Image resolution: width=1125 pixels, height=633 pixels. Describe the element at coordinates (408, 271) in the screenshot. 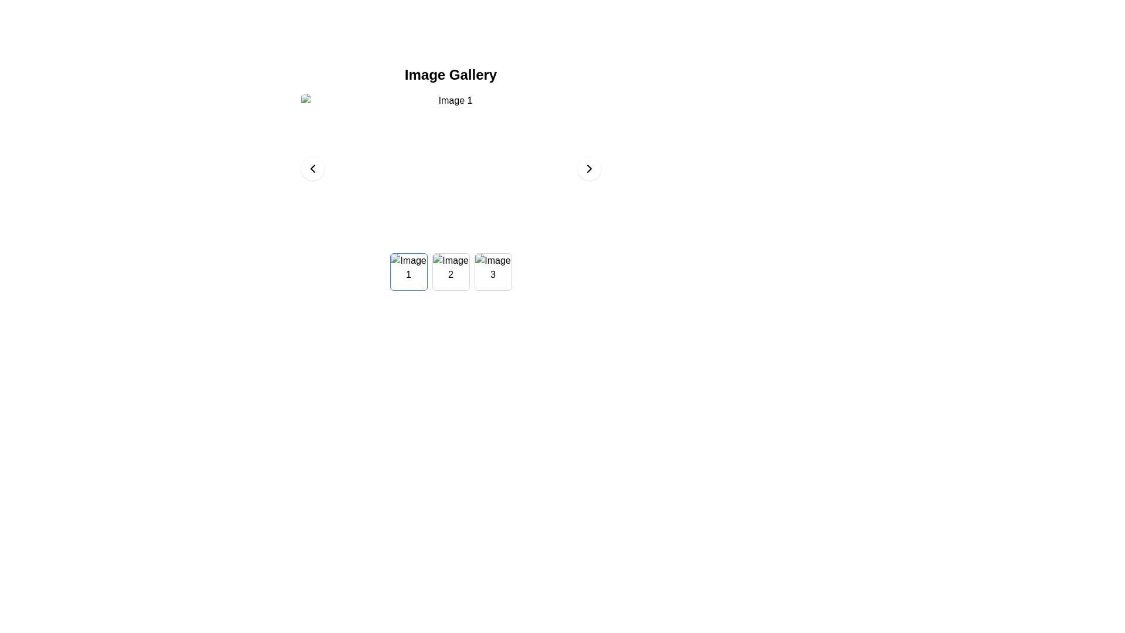

I see `the leftmost thumbnail in the horizontal image gallery below the title 'Image Gallery'` at that location.